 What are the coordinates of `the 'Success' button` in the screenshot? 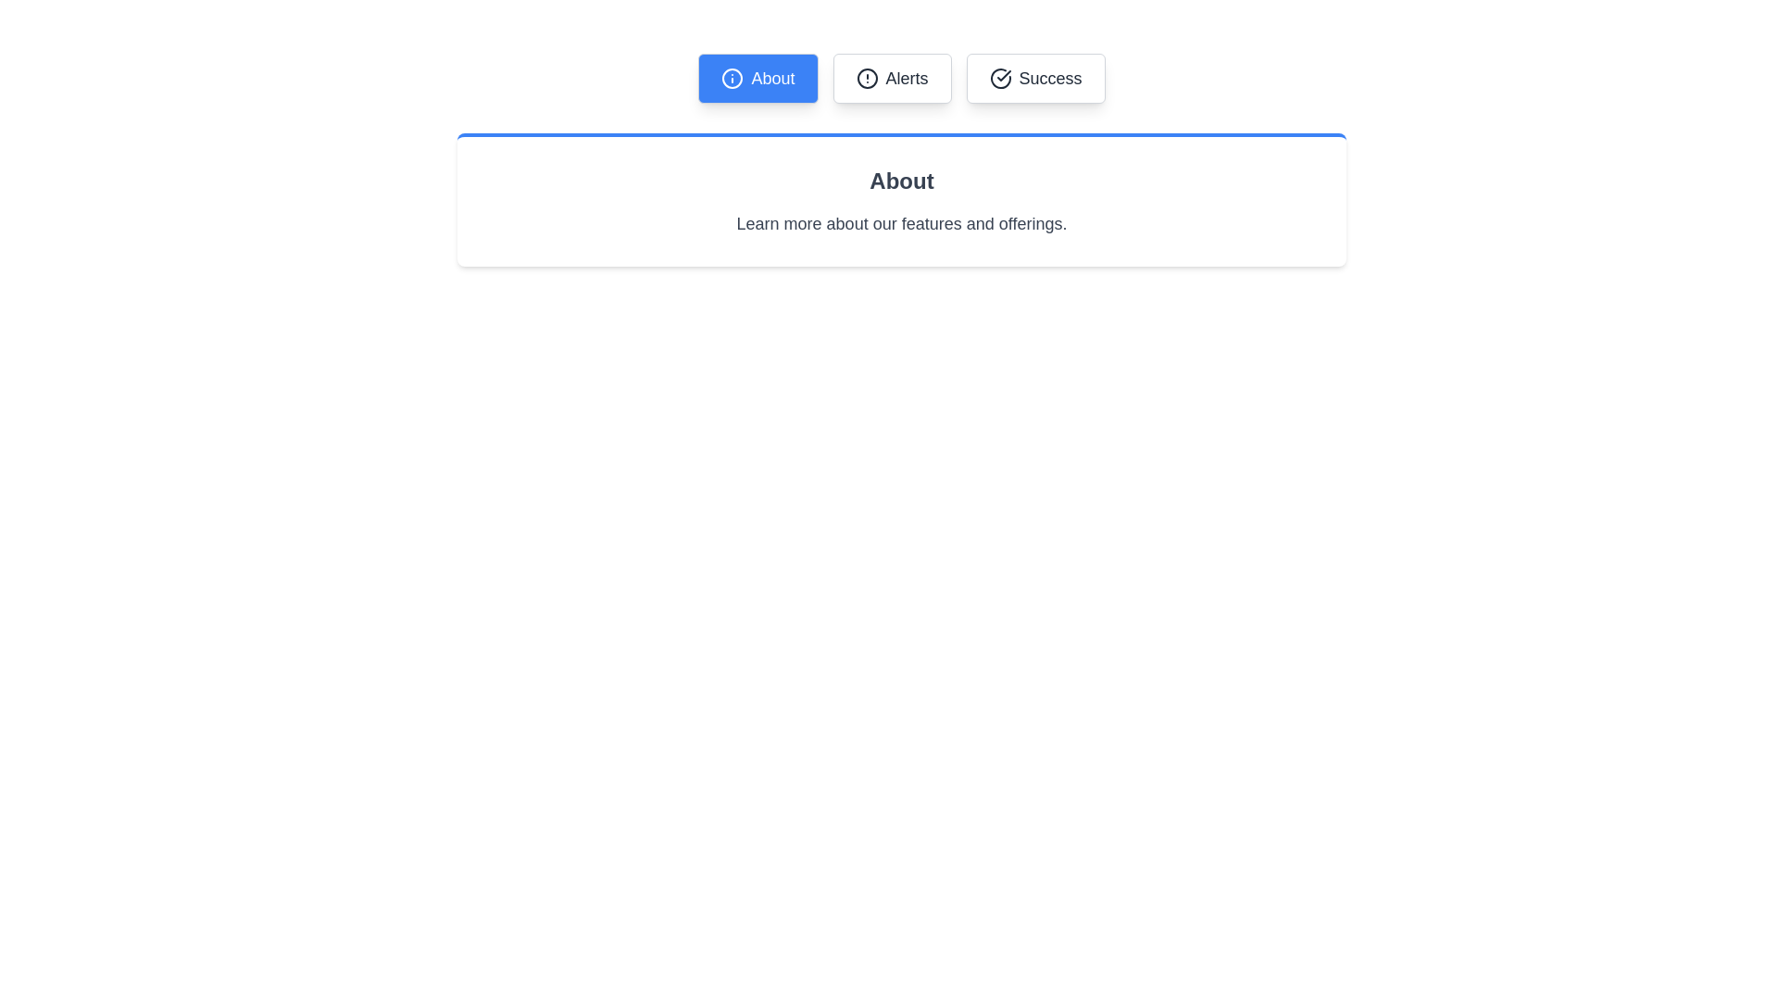 It's located at (1034, 77).